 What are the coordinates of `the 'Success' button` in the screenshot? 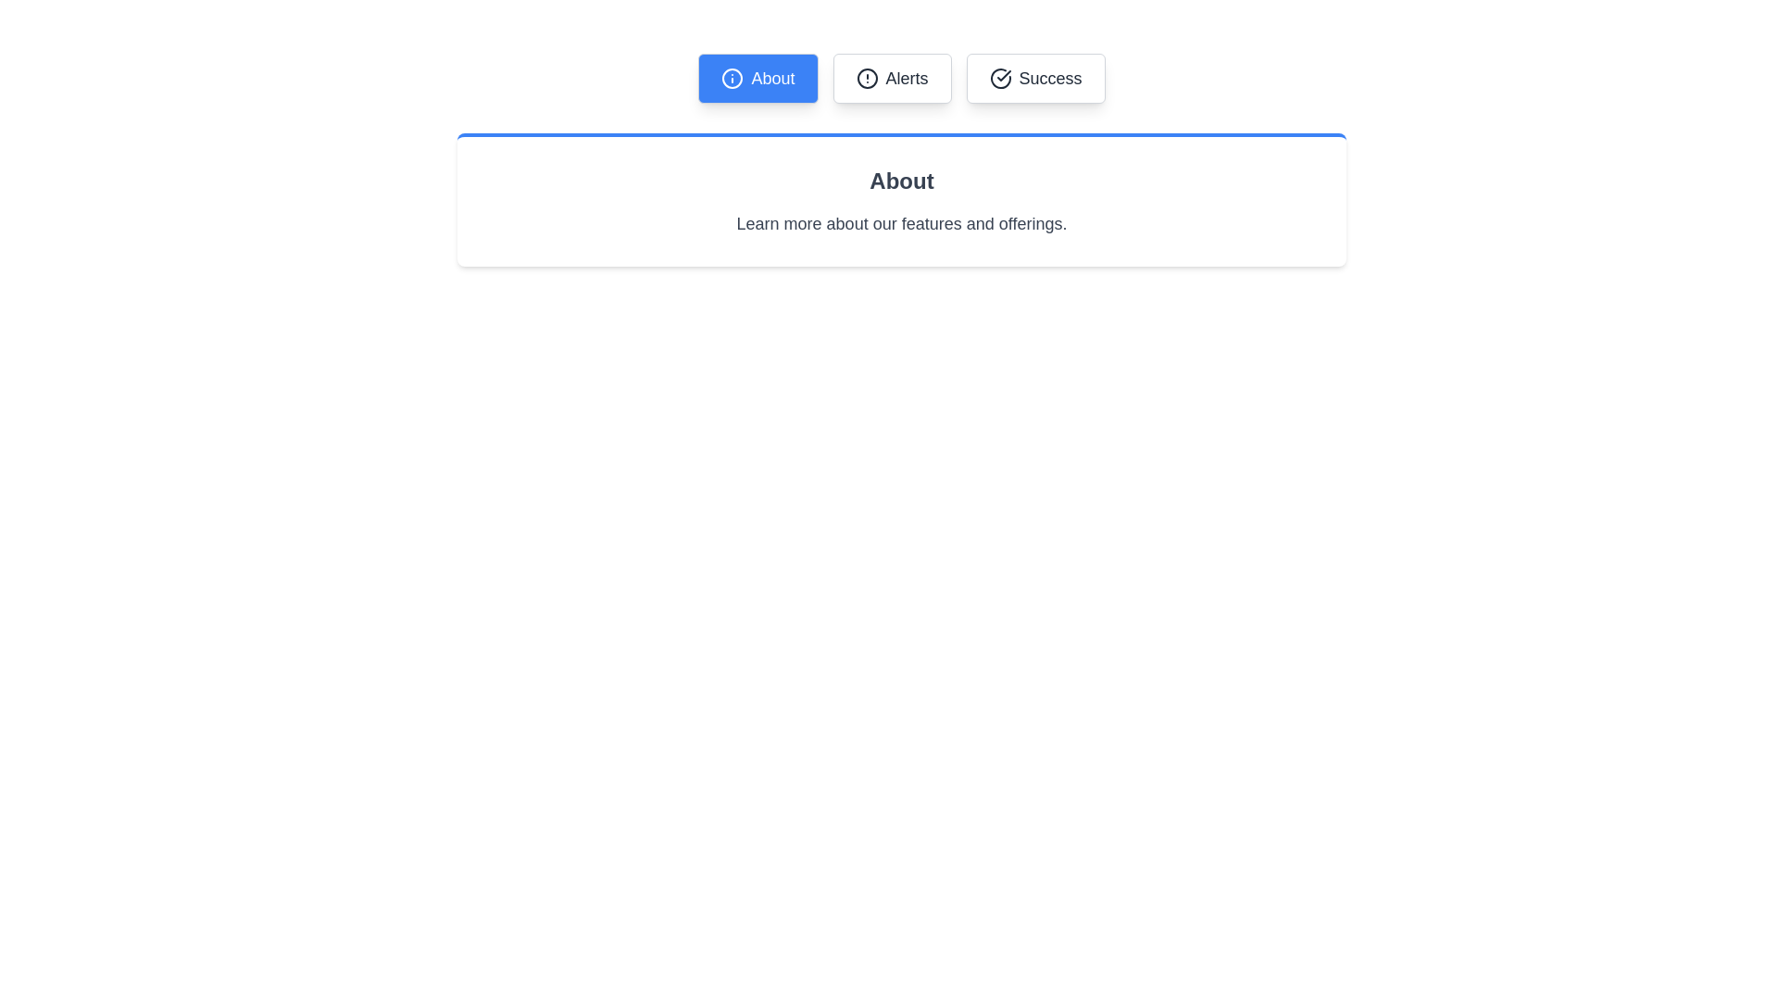 It's located at (1034, 77).